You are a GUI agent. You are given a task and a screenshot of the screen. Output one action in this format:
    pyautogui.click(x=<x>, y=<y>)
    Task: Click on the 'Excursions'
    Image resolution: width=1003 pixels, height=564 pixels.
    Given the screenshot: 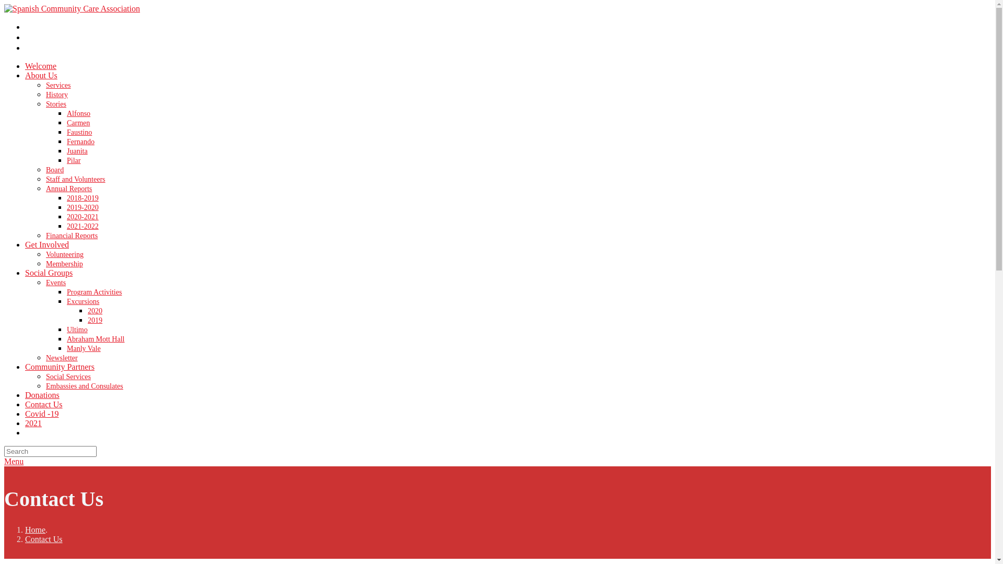 What is the action you would take?
    pyautogui.click(x=82, y=301)
    